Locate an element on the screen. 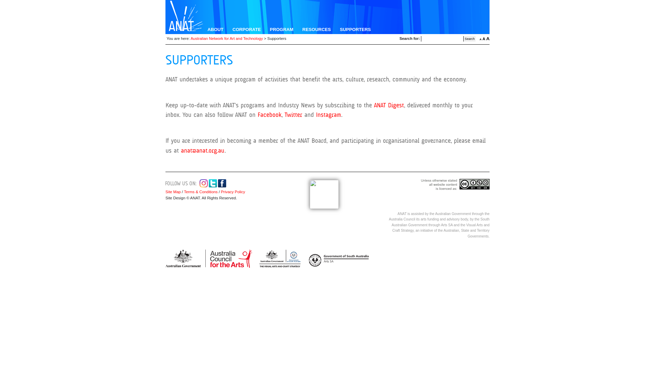 The height and width of the screenshot is (368, 655). 'A' is located at coordinates (487, 39).